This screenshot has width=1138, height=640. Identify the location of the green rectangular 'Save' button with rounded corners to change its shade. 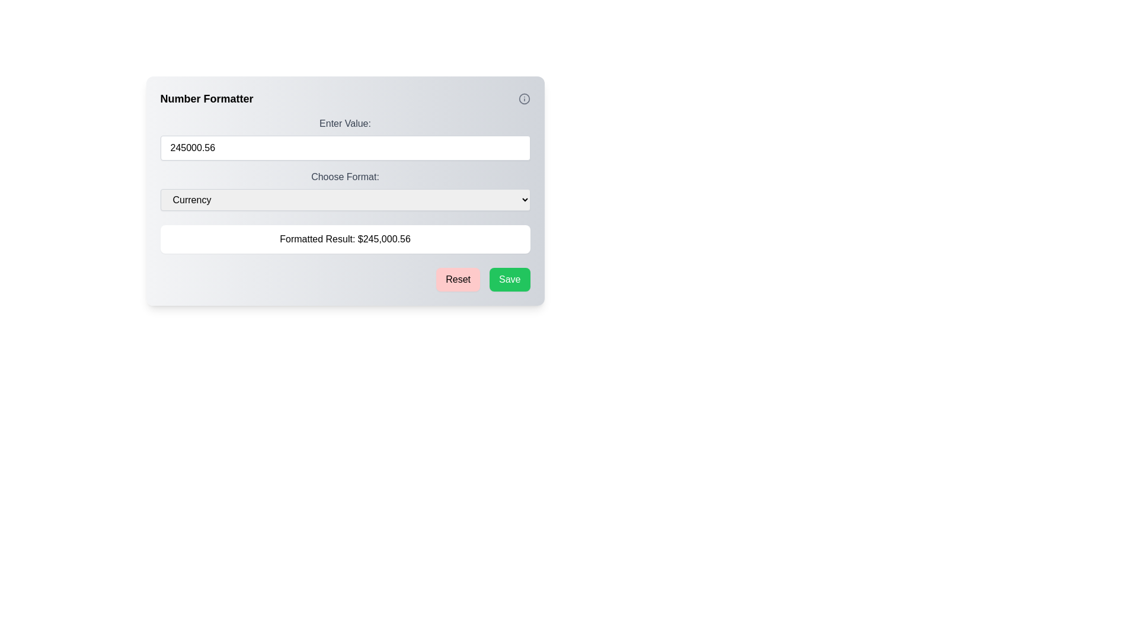
(510, 279).